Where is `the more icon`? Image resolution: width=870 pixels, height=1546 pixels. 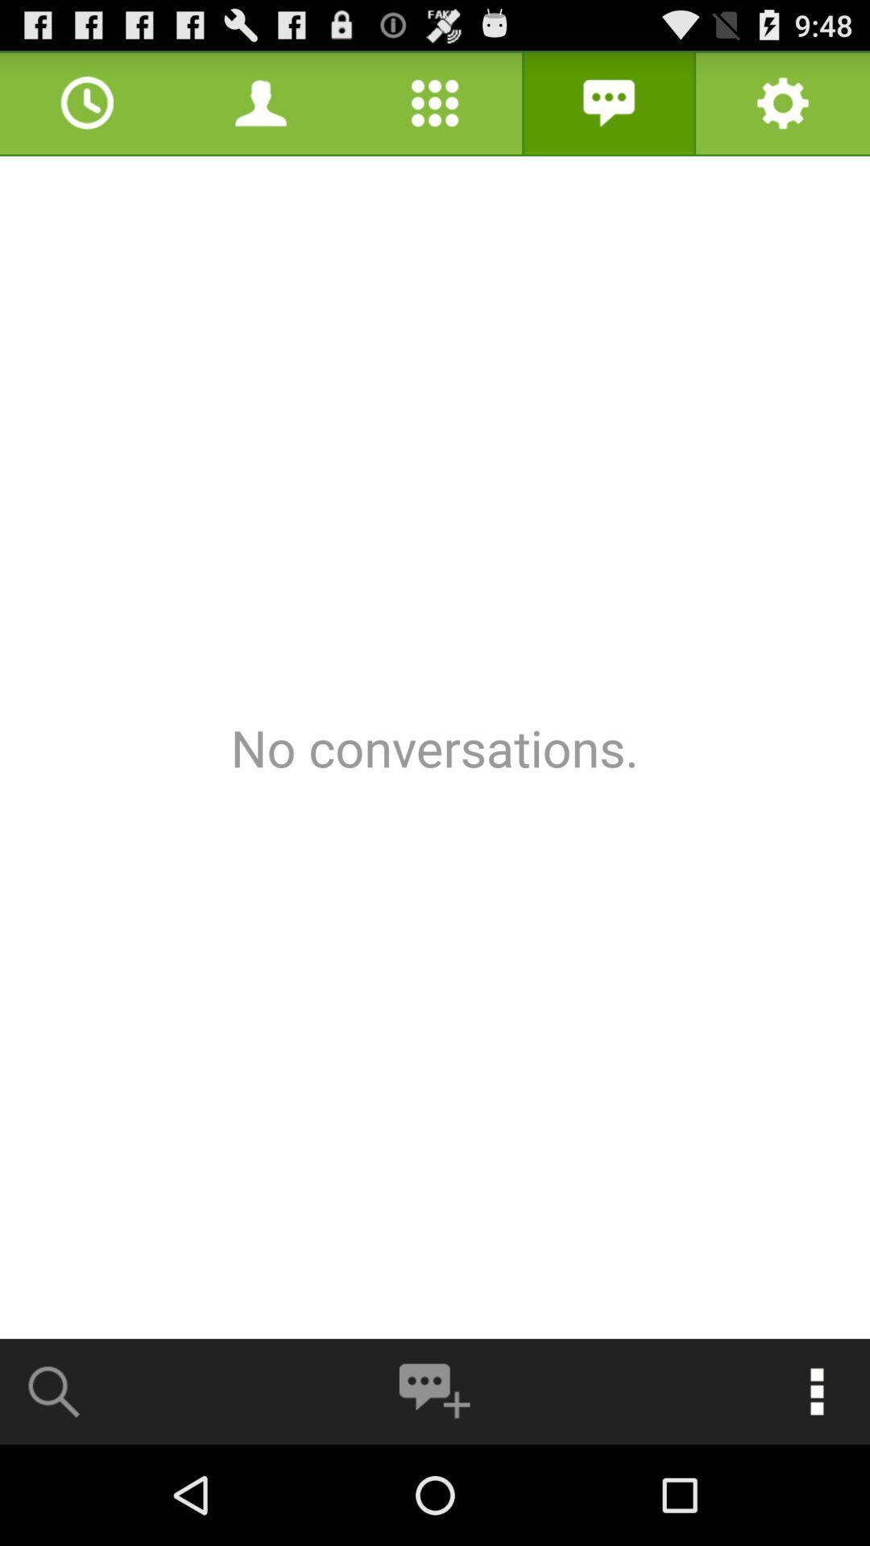 the more icon is located at coordinates (817, 1488).